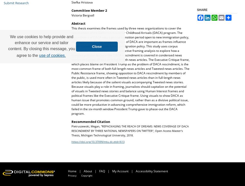  Describe the element at coordinates (82, 2) in the screenshot. I see `'Stefka Hristova'` at that location.